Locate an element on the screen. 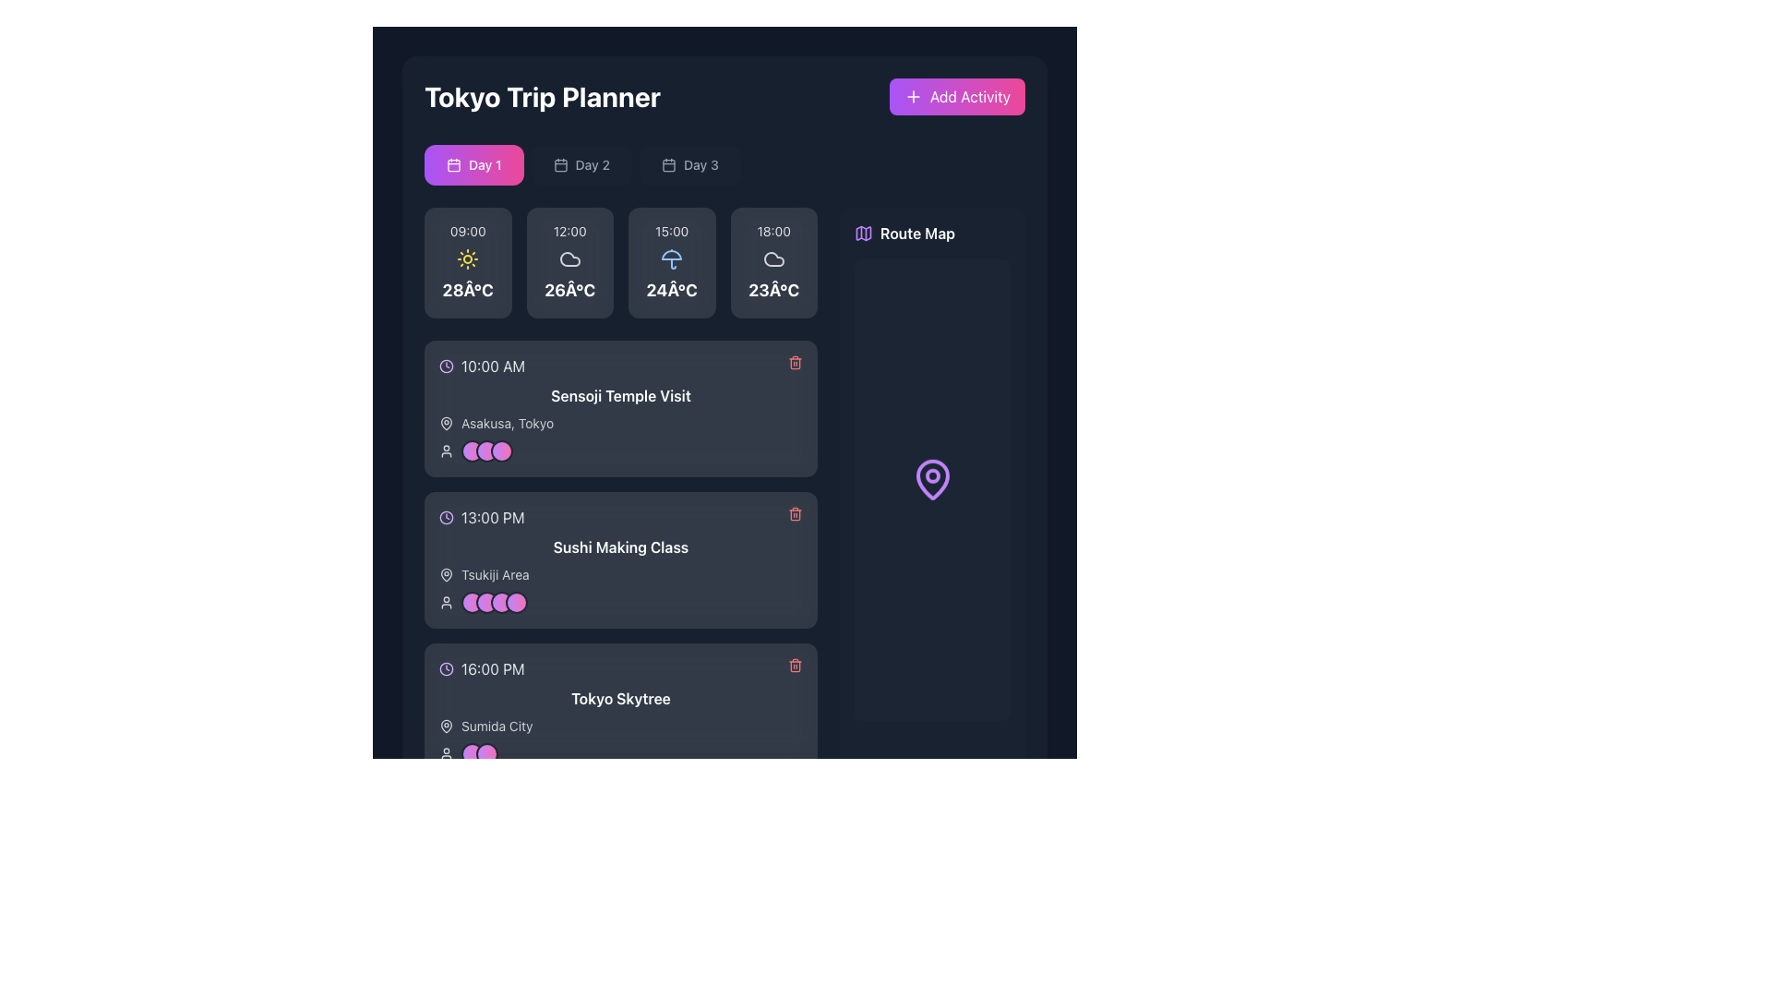 The image size is (1772, 997). the location marker SVG icon from the center of the Route Map panel is located at coordinates (932, 479).